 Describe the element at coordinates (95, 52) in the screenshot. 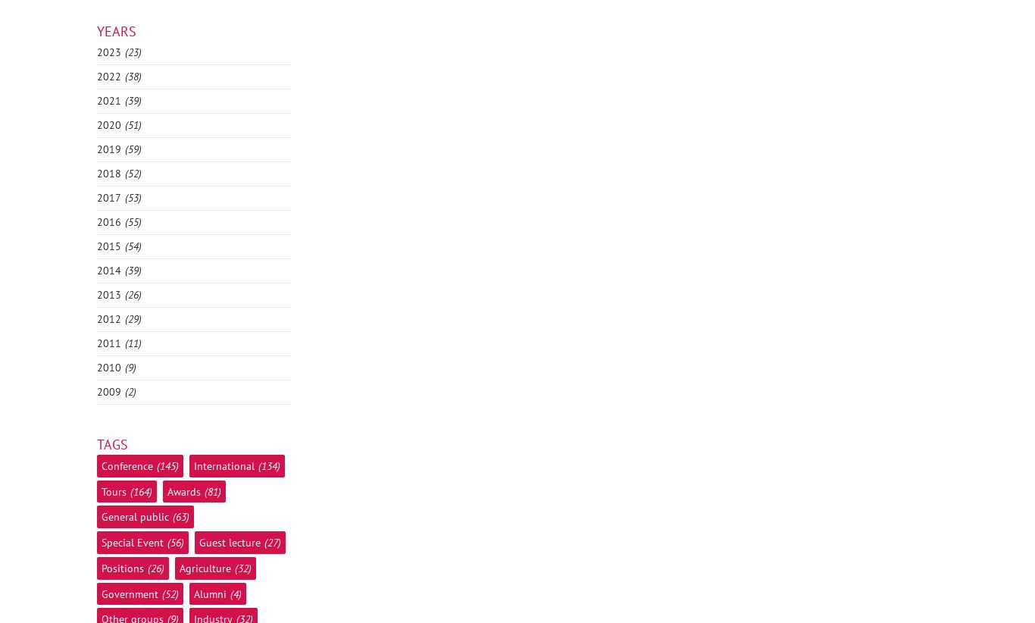

I see `'2023'` at that location.